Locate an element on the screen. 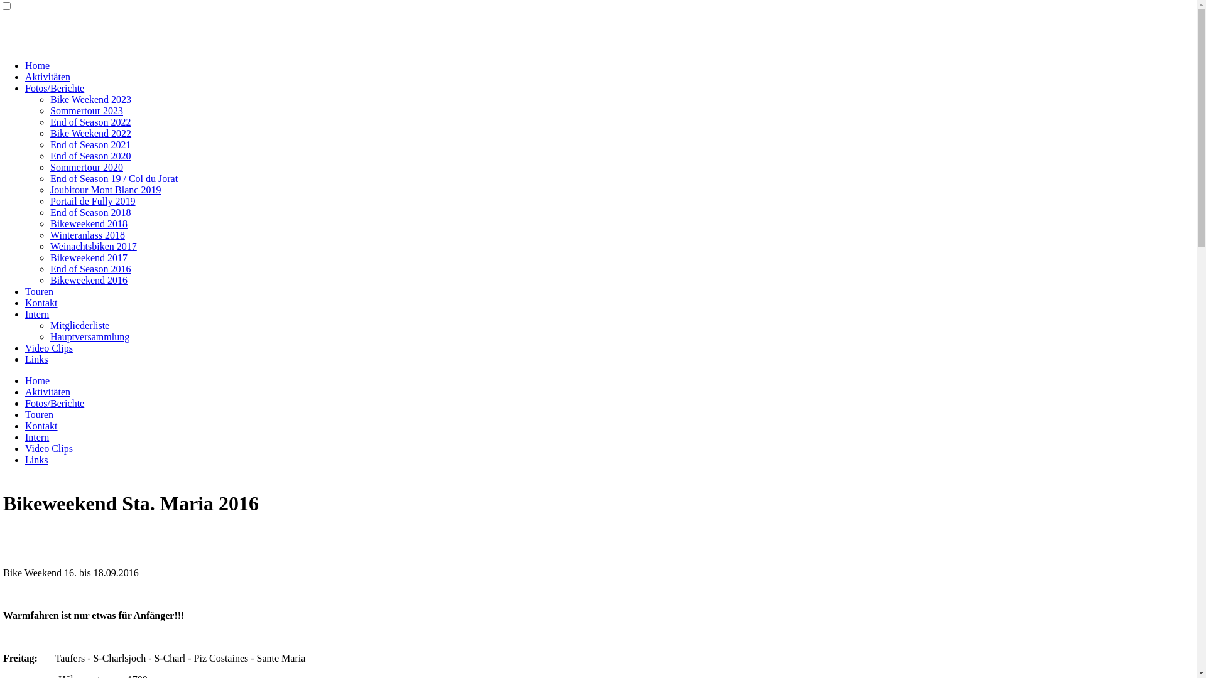  'End of Season 2020' is located at coordinates (90, 155).